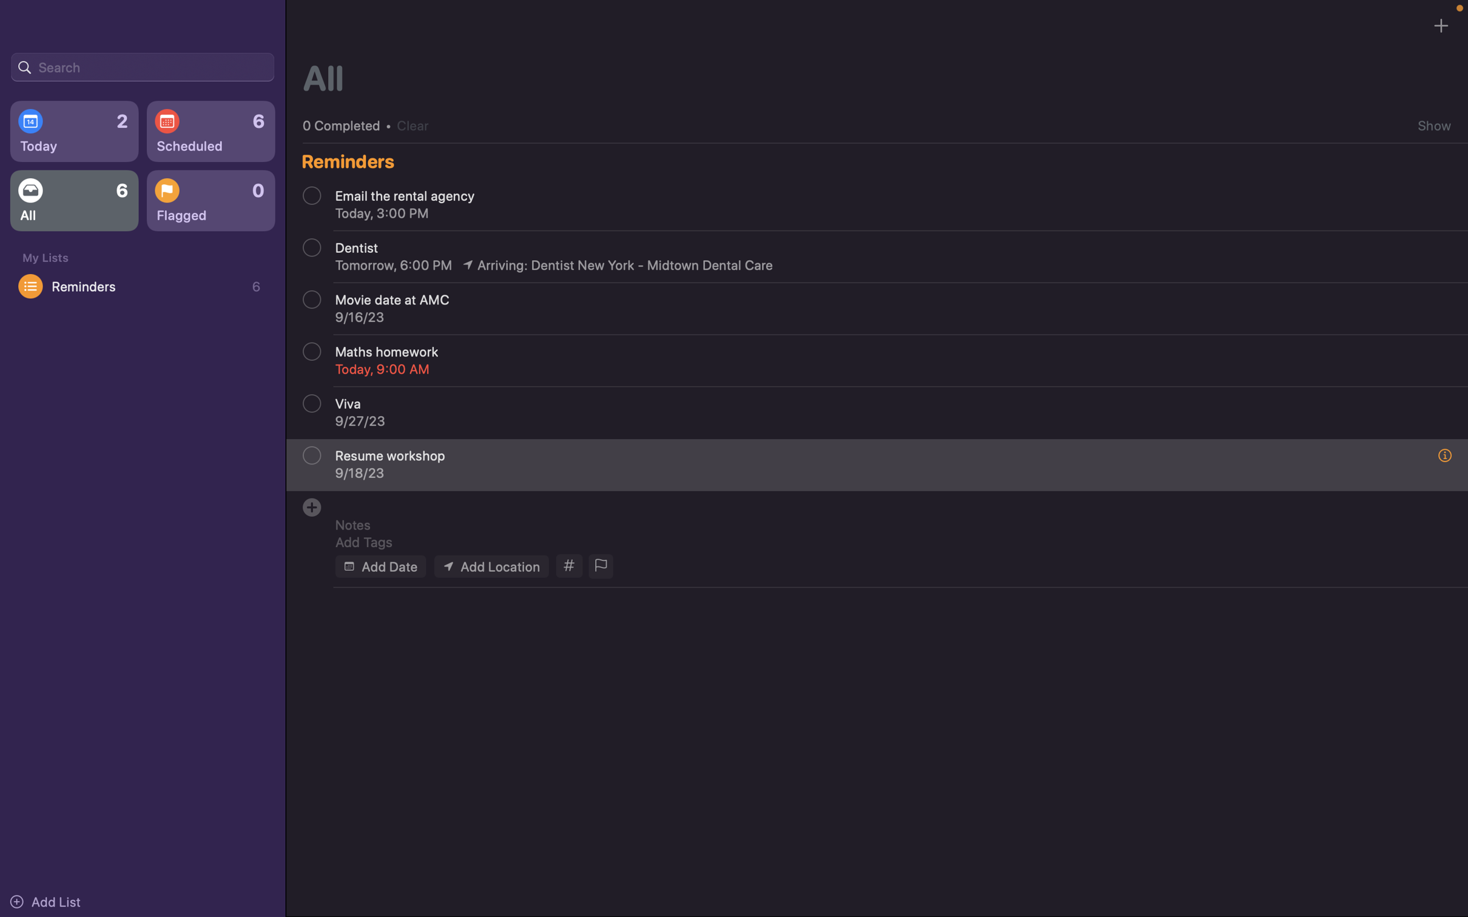 This screenshot has width=1468, height=917. I want to click on Categorize the event under the labels "school" and "homework", so click(567, 565).